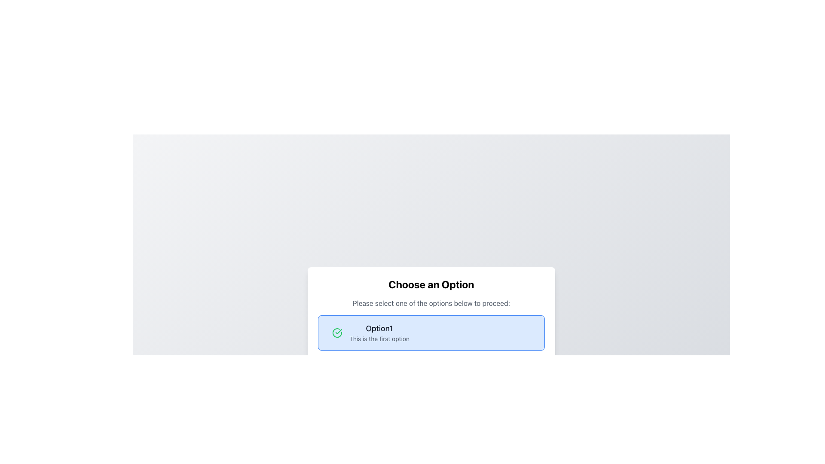 This screenshot has height=464, width=825. What do you see at coordinates (338, 331) in the screenshot?
I see `the small green checkmark icon located within a circular border, which is situated to the left of the text 'Option1' inside the highlighted option box` at bounding box center [338, 331].